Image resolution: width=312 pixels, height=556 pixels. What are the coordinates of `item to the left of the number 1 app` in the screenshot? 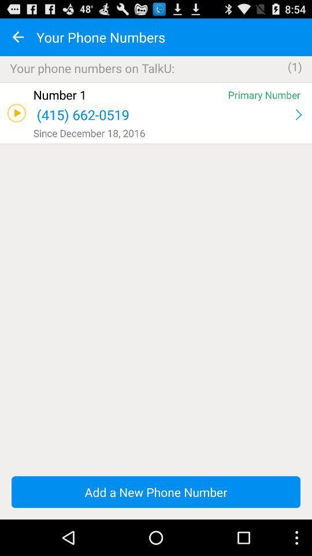 It's located at (16, 113).